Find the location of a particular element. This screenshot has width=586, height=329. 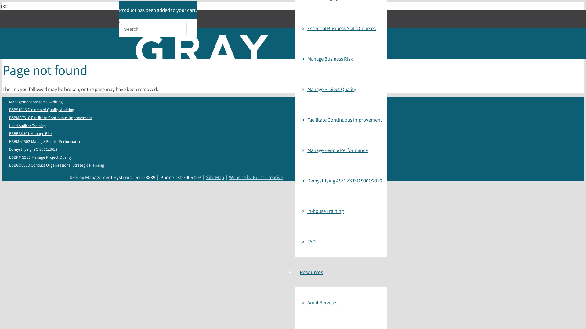

'BSBMGT516 Facilitate Continuous Improvement' is located at coordinates (50, 117).